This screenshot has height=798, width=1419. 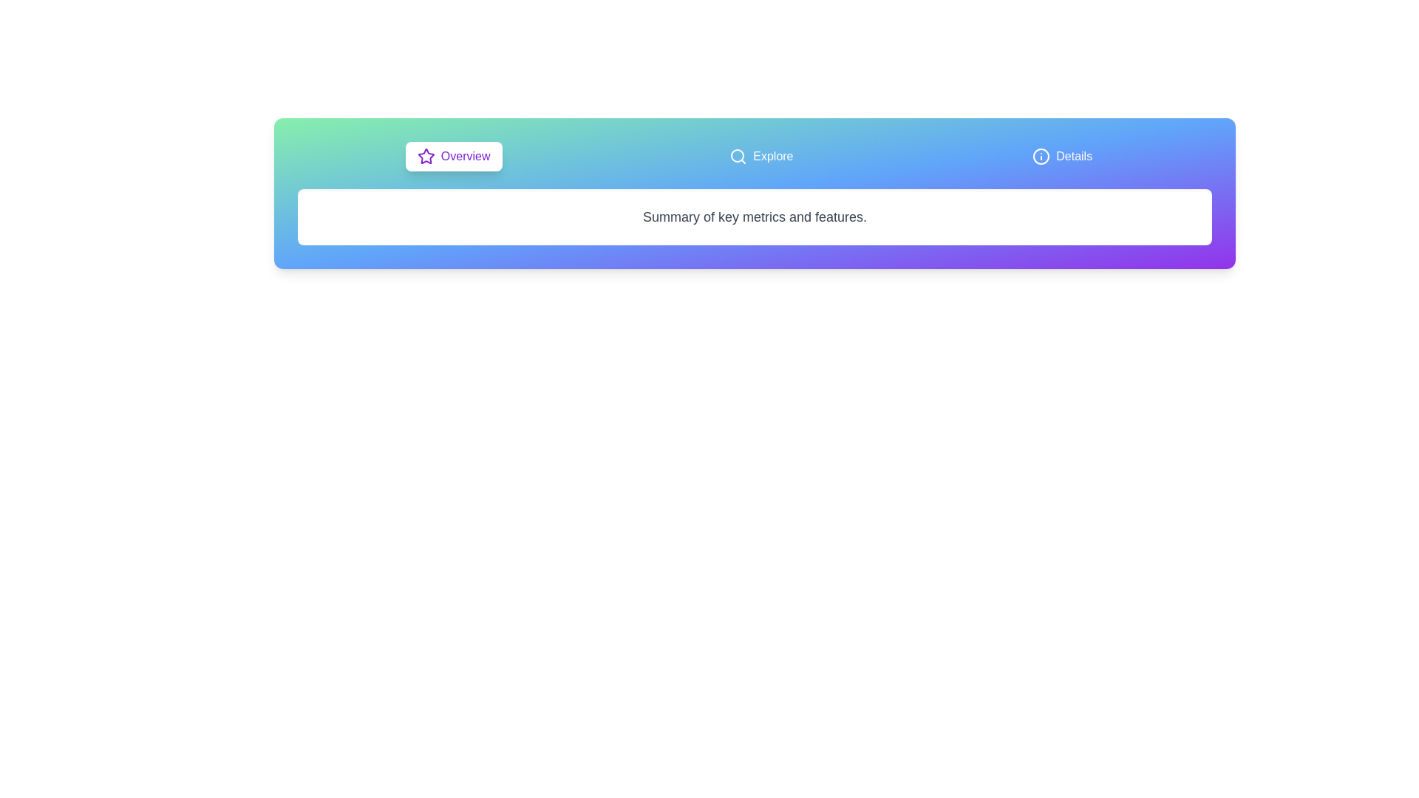 What do you see at coordinates (761, 157) in the screenshot?
I see `the Explore tab to observe visual feedback` at bounding box center [761, 157].